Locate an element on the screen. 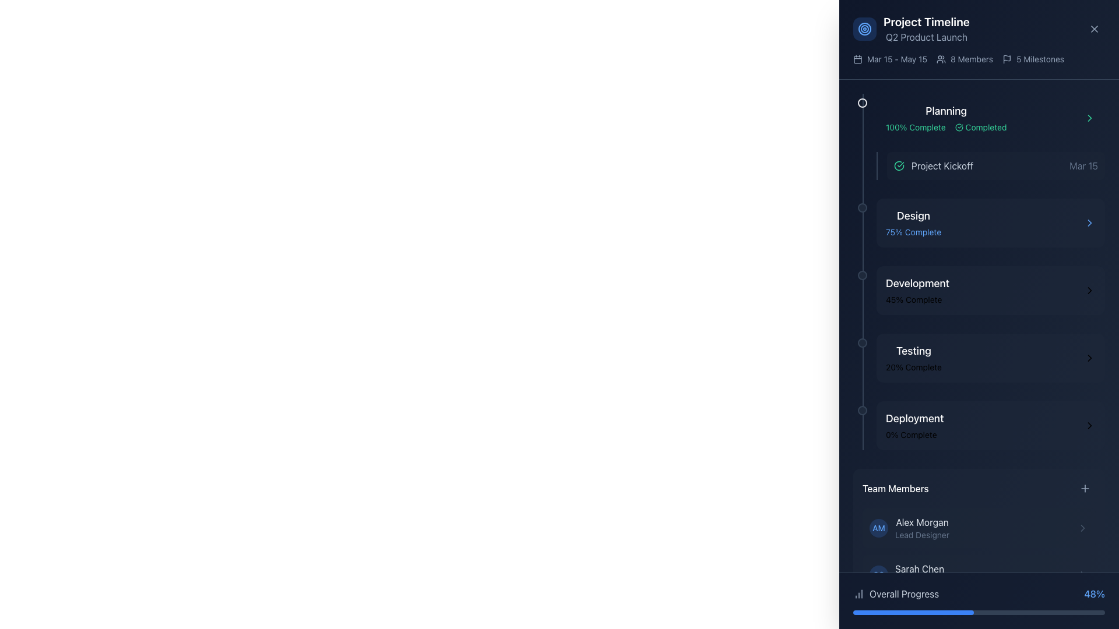  the small circular indicator located adjacent to the beginning of the 'Design' section in the timeline by moving the cursor over it is located at coordinates (862, 207).